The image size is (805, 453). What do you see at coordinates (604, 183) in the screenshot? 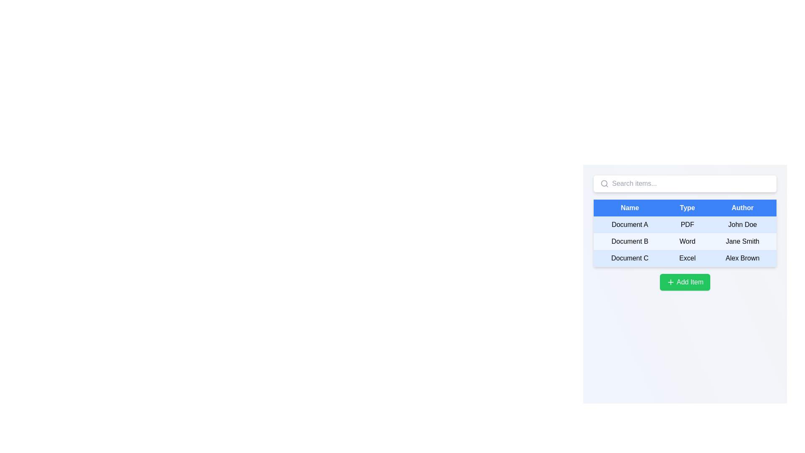
I see `the search icon located at the leftmost position within the search bar` at bounding box center [604, 183].